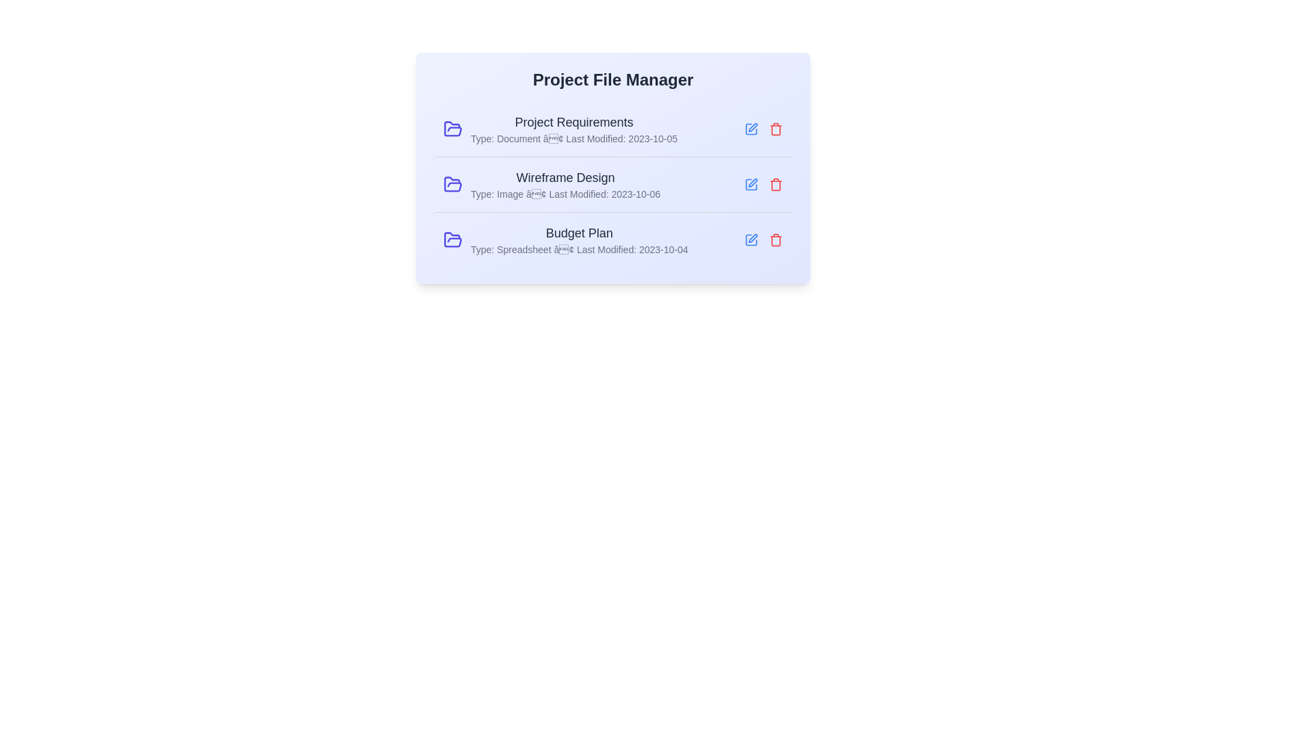 The height and width of the screenshot is (739, 1314). What do you see at coordinates (453, 129) in the screenshot?
I see `the folder icon to open the file Project Requirements` at bounding box center [453, 129].